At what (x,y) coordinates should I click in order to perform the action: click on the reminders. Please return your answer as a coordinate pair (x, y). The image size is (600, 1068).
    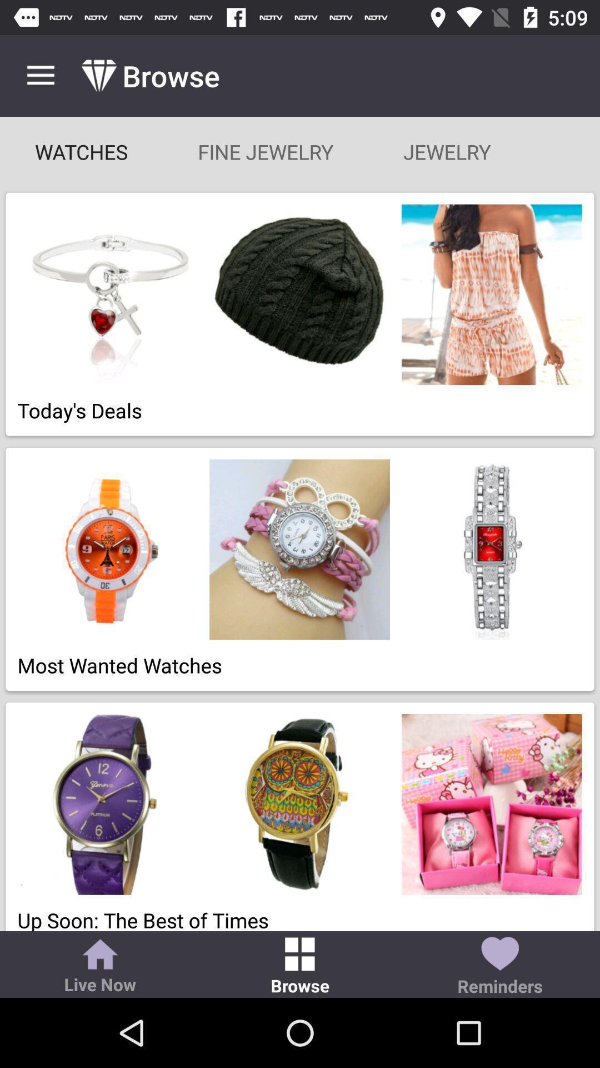
    Looking at the image, I should click on (499, 967).